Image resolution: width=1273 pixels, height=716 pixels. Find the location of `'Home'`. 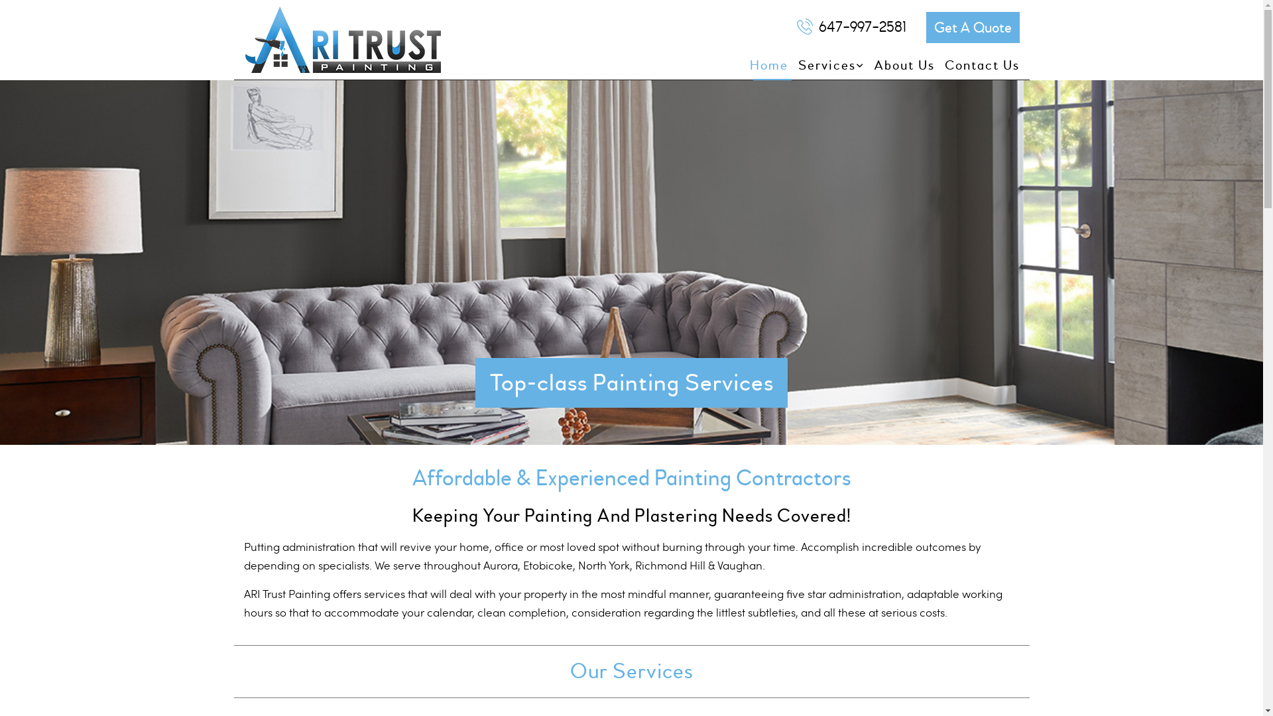

'Home' is located at coordinates (764, 66).